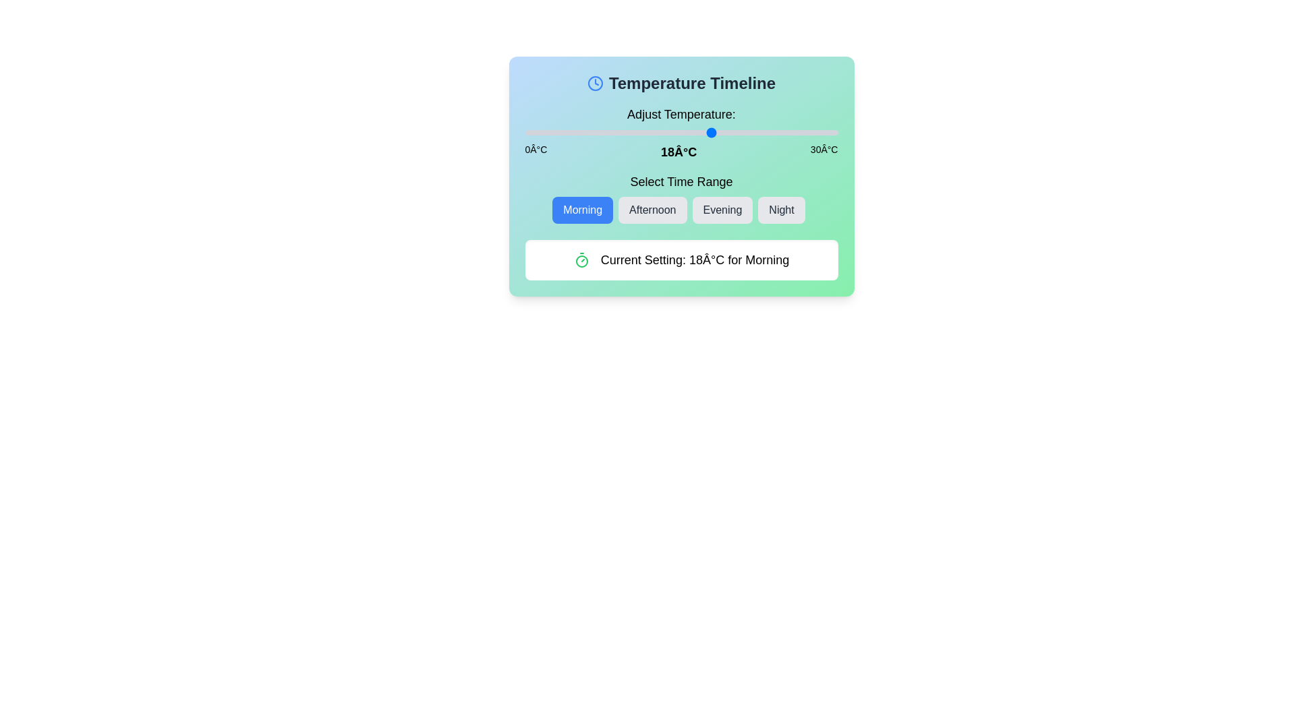 Image resolution: width=1295 pixels, height=728 pixels. What do you see at coordinates (732, 132) in the screenshot?
I see `the temperature slider to set the temperature to 20°C` at bounding box center [732, 132].